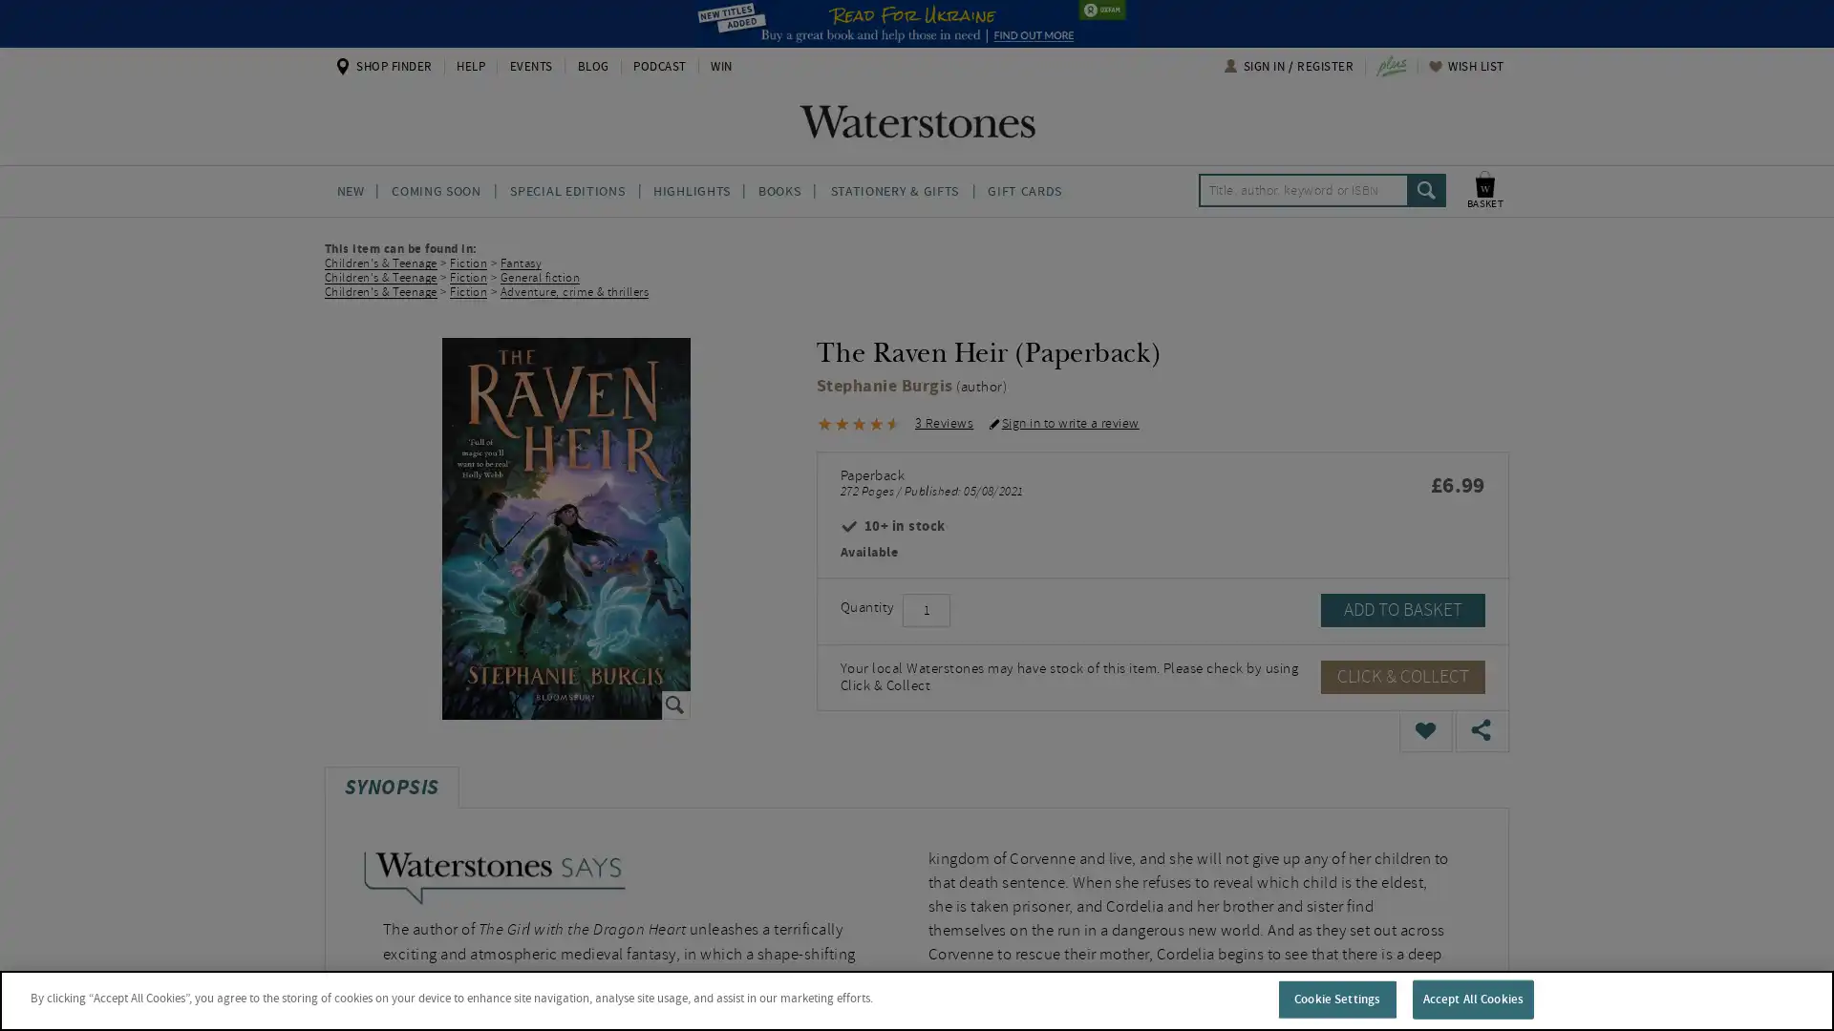 The width and height of the screenshot is (1834, 1031). I want to click on CLICK & COLLECT, so click(1402, 676).